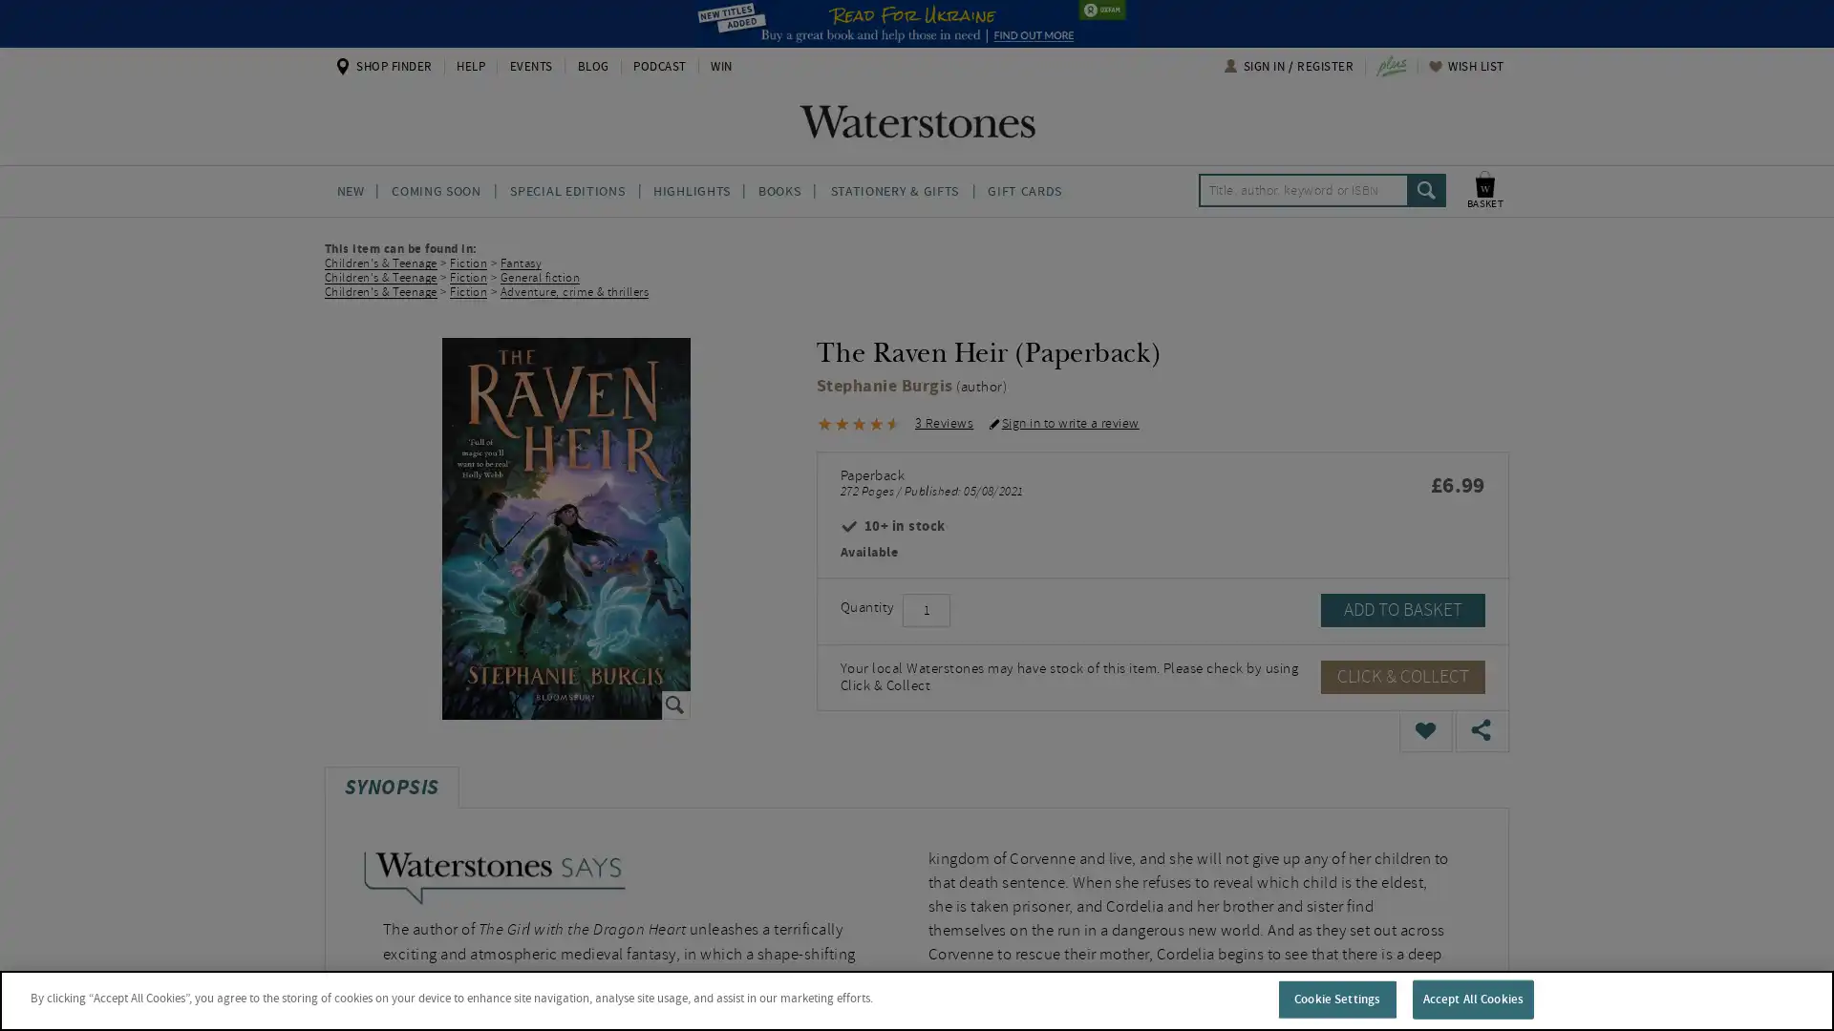 The width and height of the screenshot is (1834, 1031). I want to click on CLICK & COLLECT, so click(1402, 676).